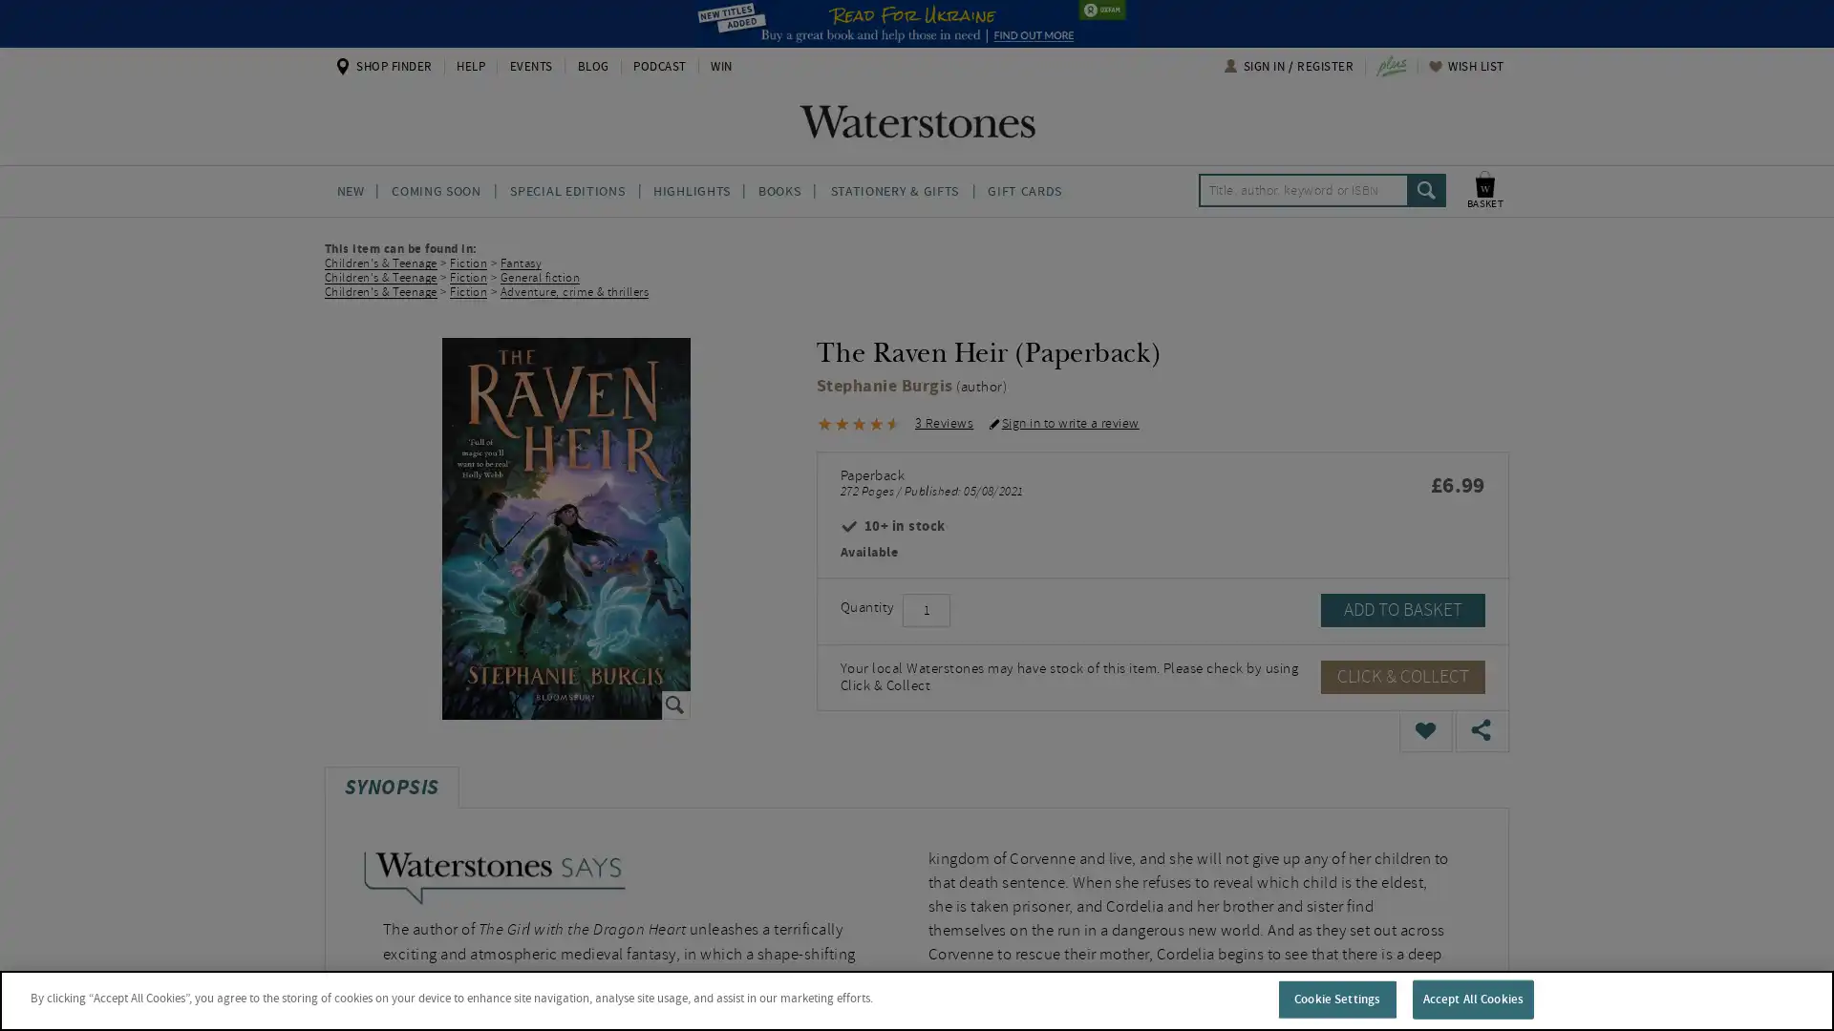 The width and height of the screenshot is (1834, 1031). I want to click on CLICK & COLLECT, so click(1402, 676).